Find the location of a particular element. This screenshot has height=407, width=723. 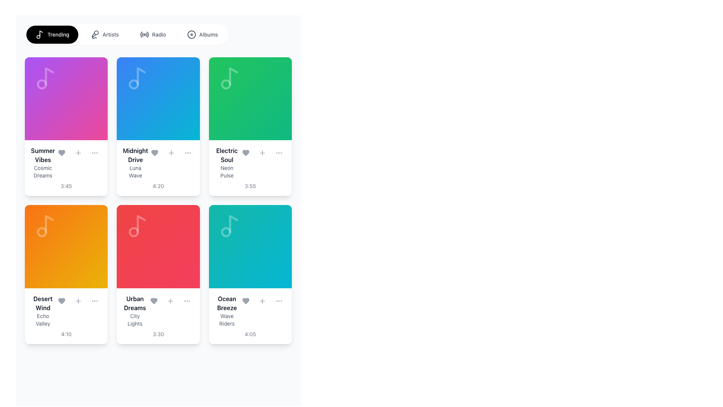

the time duration text displaying '4:10' located beneath 'Echo Valley' within the card titled 'Desert Wind' is located at coordinates (66, 334).